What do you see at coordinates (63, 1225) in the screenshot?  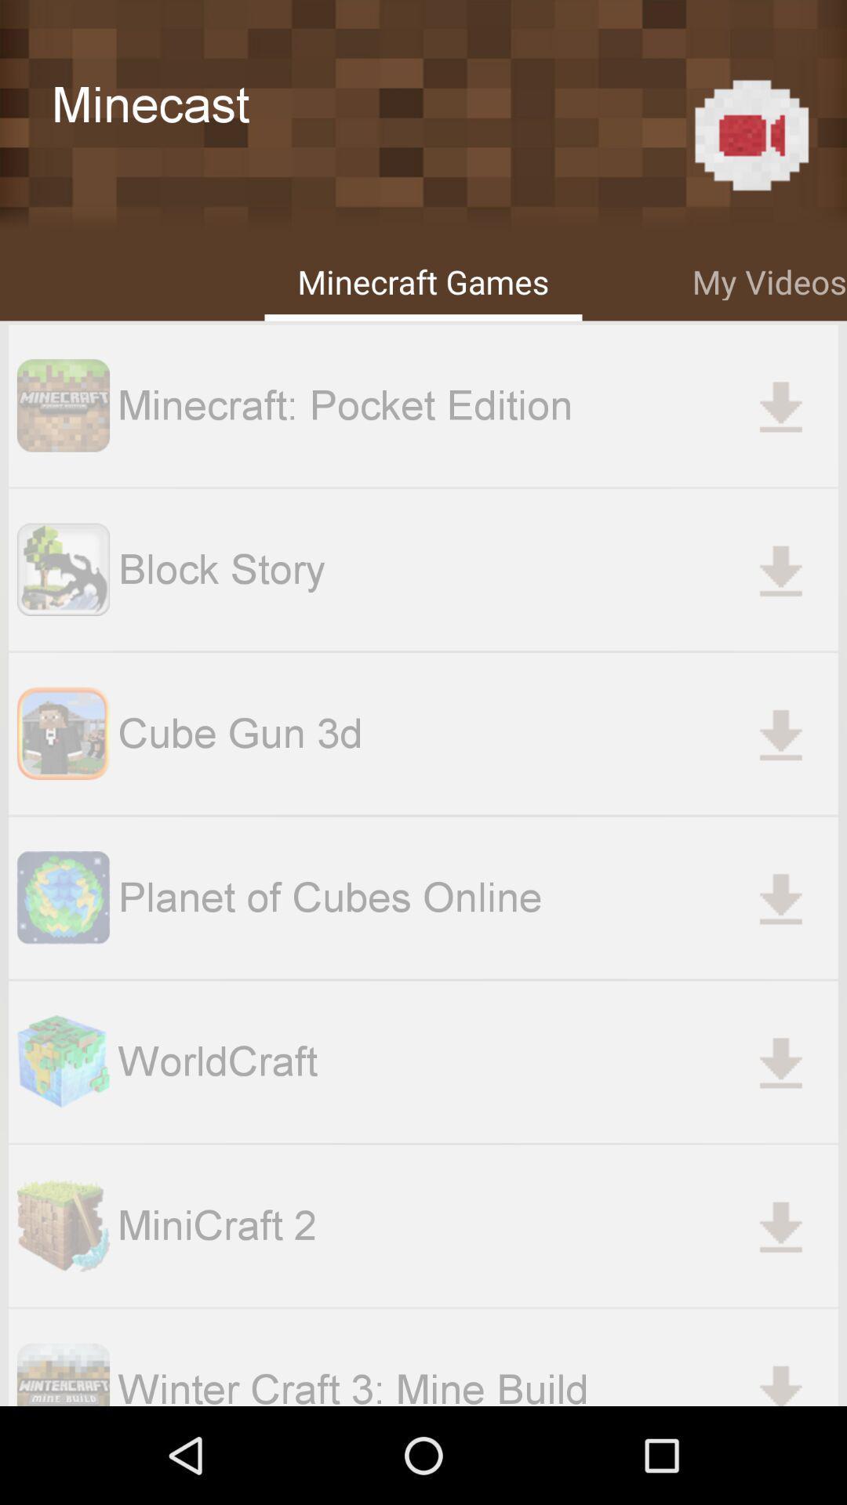 I see `image to the left of minicraft 2` at bounding box center [63, 1225].